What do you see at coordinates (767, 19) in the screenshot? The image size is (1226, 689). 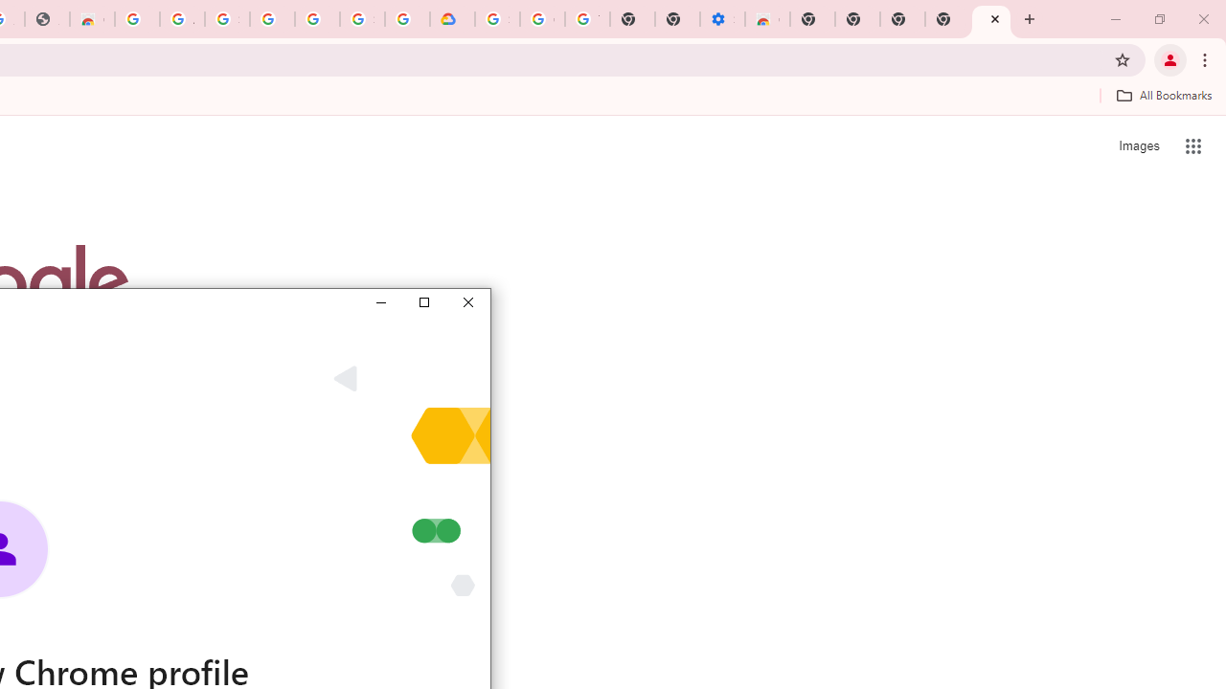 I see `'Chrome Web Store - Accessibility extensions'` at bounding box center [767, 19].